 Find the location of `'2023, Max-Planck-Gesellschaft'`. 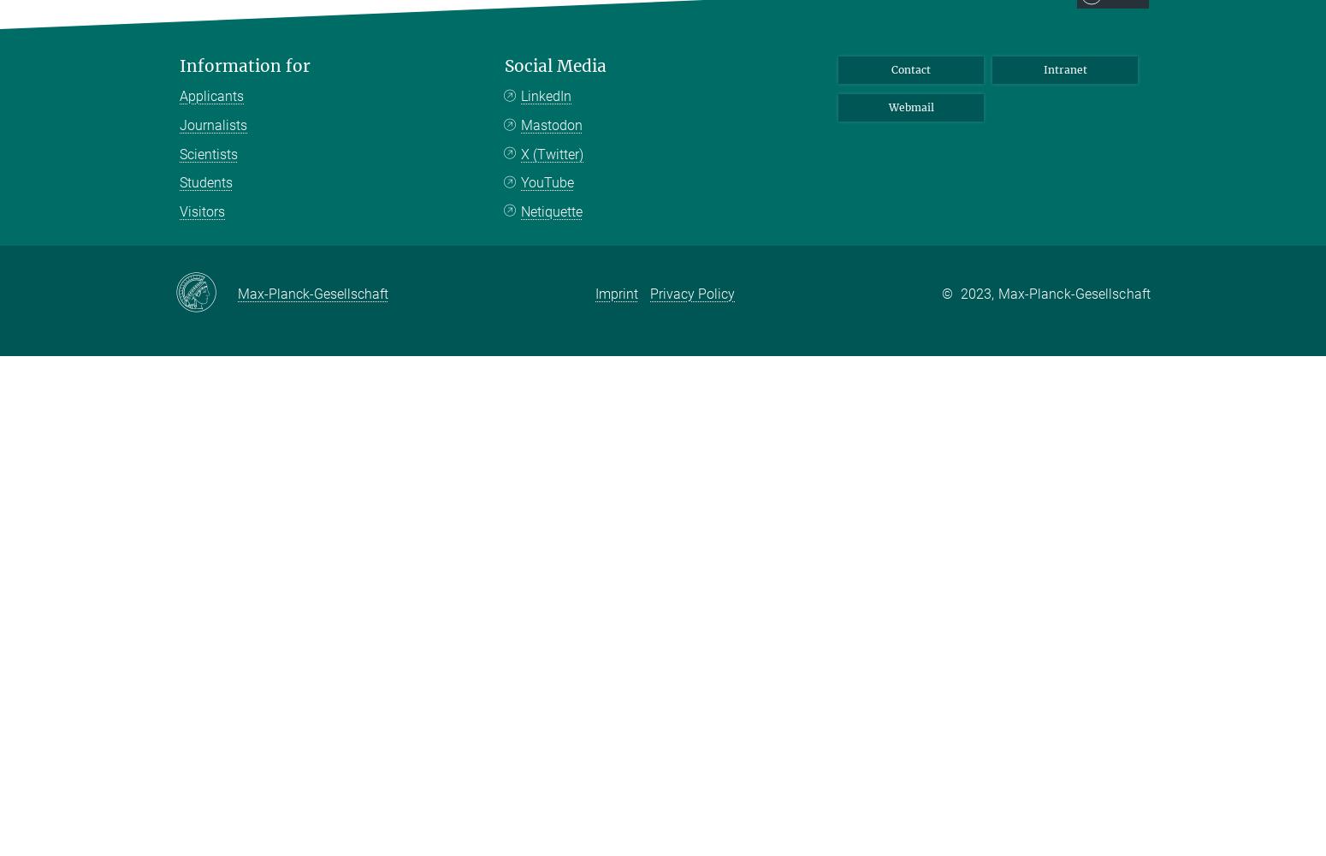

'2023, Max-Planck-Gesellschaft' is located at coordinates (1055, 292).